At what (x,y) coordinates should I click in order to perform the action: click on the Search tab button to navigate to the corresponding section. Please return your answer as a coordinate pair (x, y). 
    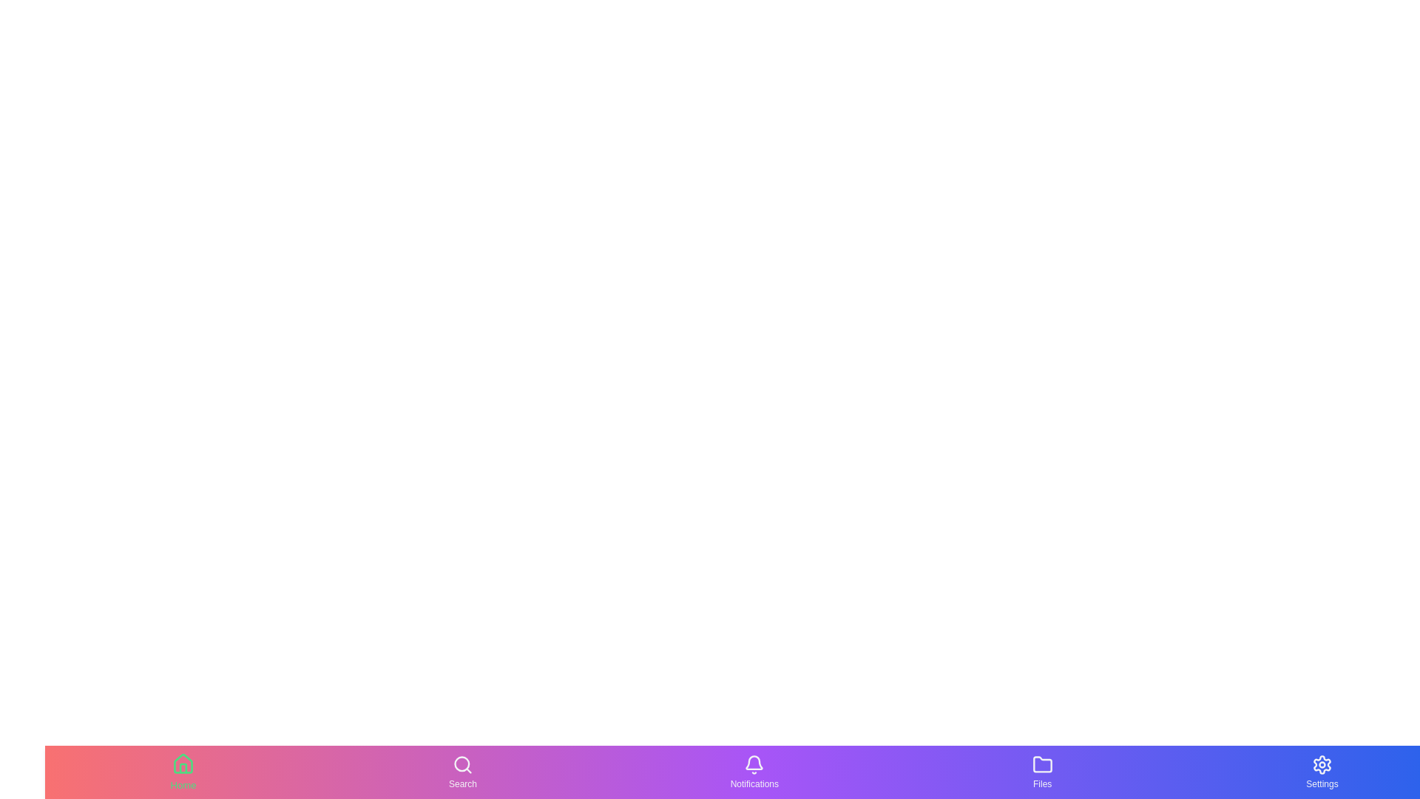
    Looking at the image, I should click on (461, 772).